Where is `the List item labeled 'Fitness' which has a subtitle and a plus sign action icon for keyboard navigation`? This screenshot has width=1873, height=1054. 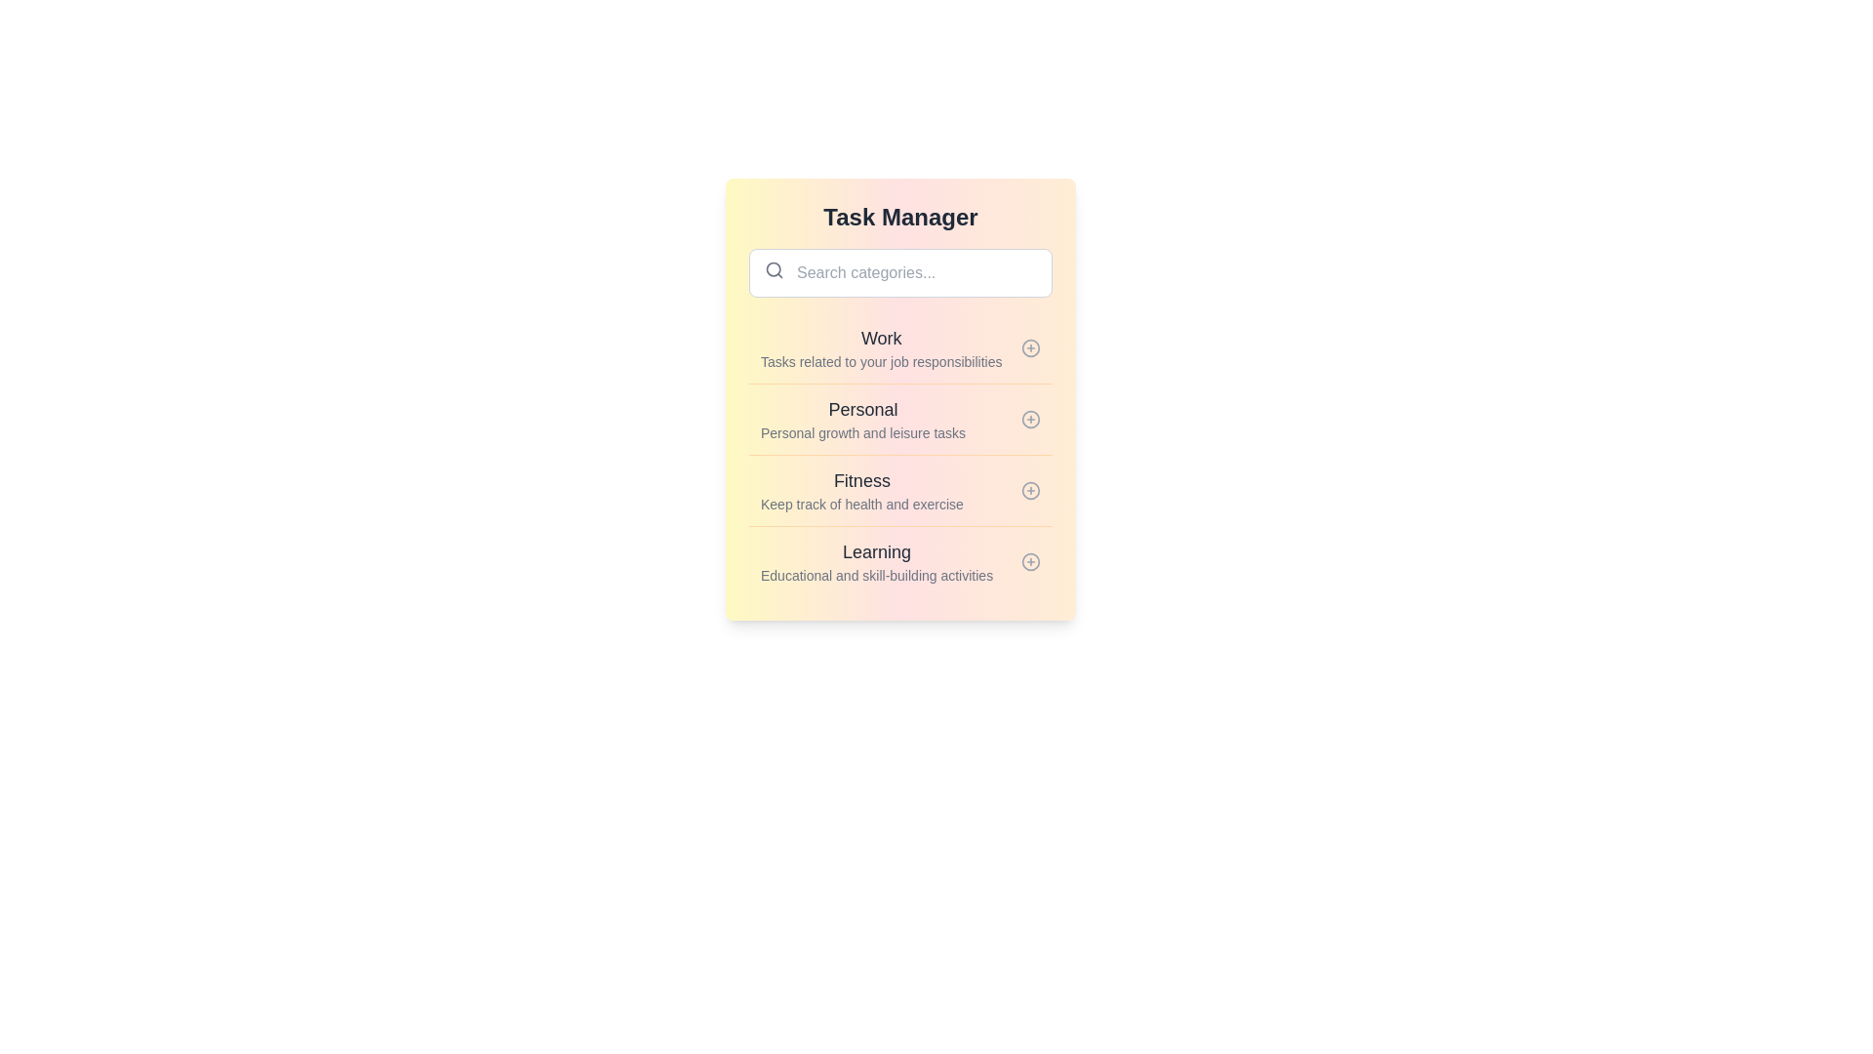
the List item labeled 'Fitness' which has a subtitle and a plus sign action icon for keyboard navigation is located at coordinates (899, 489).